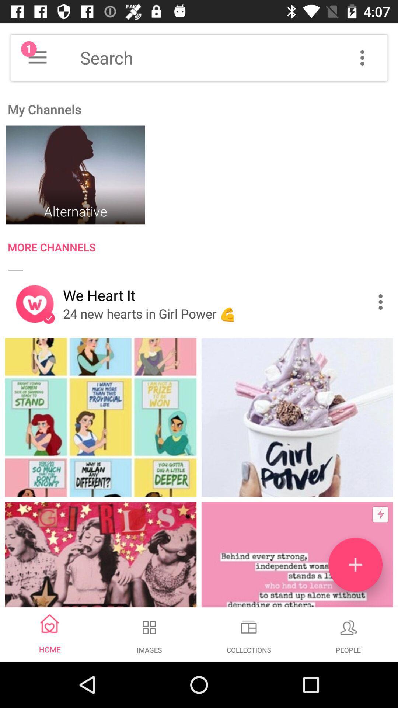  I want to click on the icon above my channels icon, so click(37, 57).